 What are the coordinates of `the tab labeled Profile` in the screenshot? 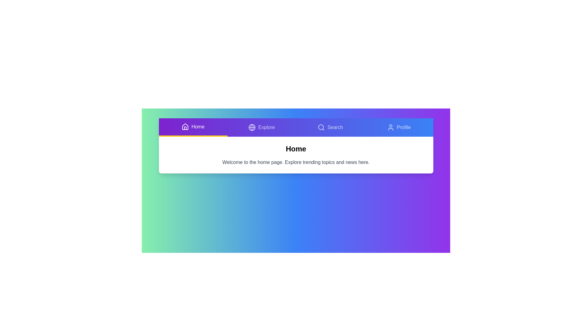 It's located at (399, 127).